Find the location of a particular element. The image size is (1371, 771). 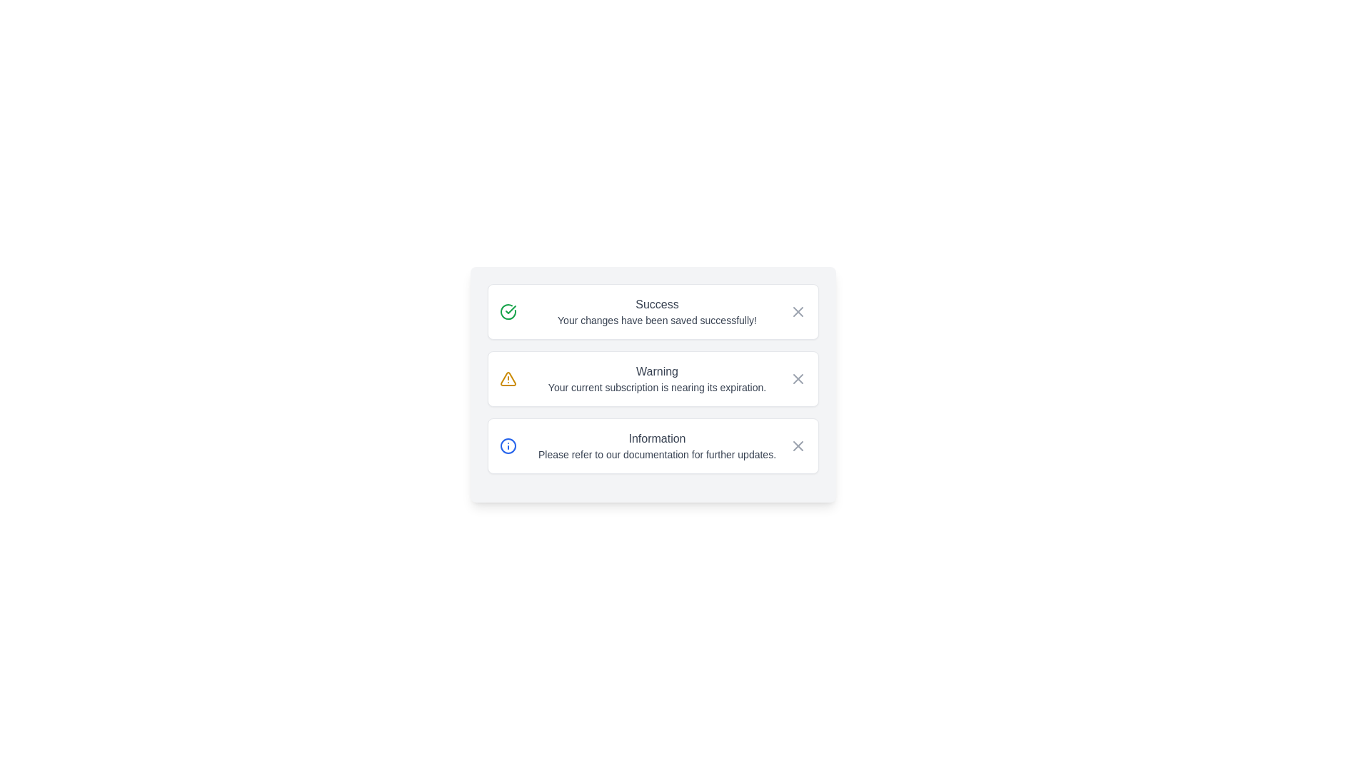

the Dismiss icon button, which is a small 'X' shaped icon located in the top-right corner of the 'Success' notification message box is located at coordinates (797, 311).